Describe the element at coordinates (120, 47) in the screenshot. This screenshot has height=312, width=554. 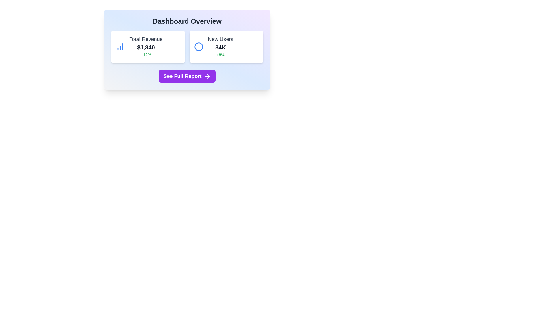
I see `the decorative icon located in the upper-left corner of the 'Total Revenue' card, positioned to the left of the '$1,340' value and the '+12%' text` at that location.